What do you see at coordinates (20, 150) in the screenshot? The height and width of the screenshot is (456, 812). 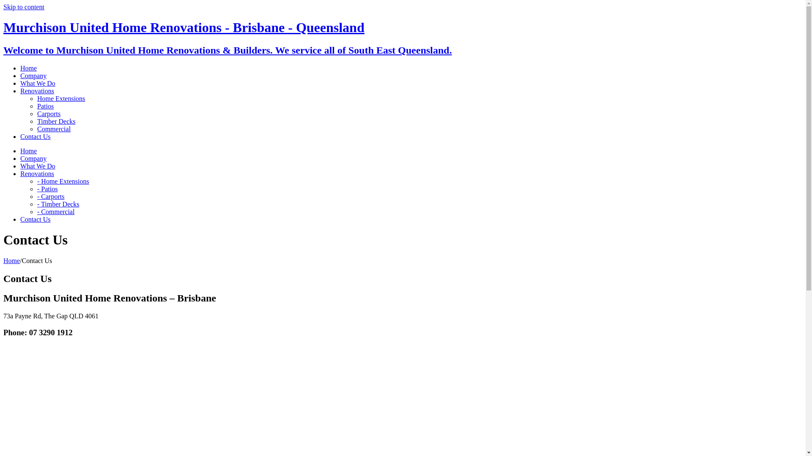 I see `'Home'` at bounding box center [20, 150].